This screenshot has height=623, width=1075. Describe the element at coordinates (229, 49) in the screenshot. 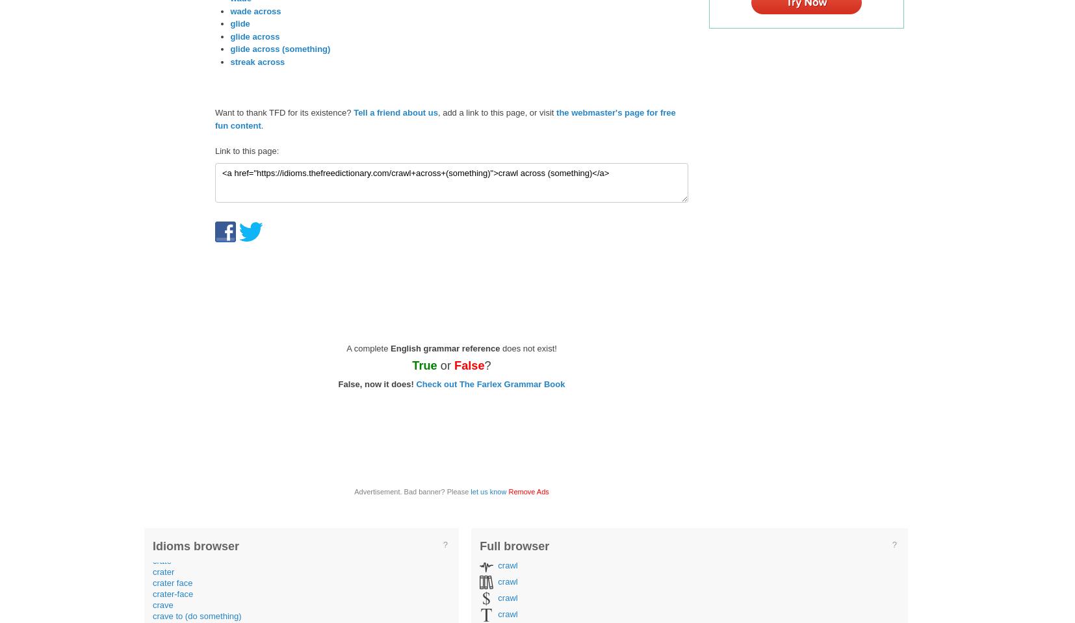

I see `'glide across (something)'` at that location.